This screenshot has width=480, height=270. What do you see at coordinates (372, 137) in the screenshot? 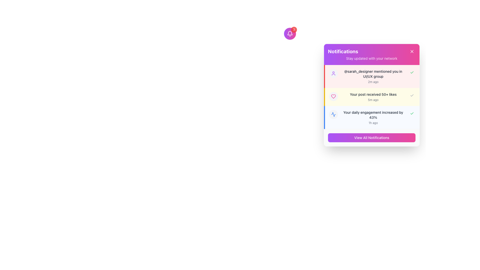
I see `the button located at the bottom of the notification panel to observe any visual changes` at bounding box center [372, 137].